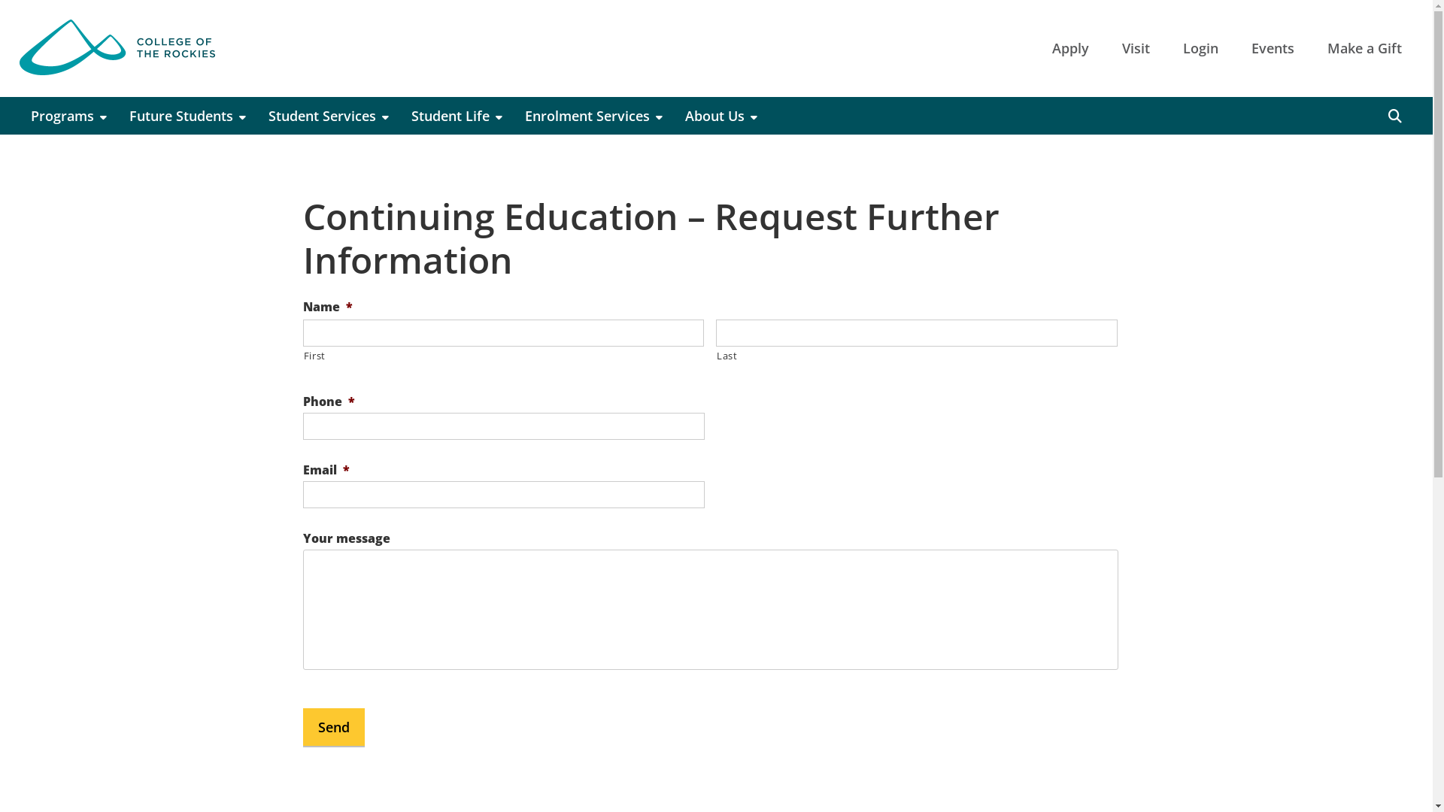  I want to click on 'Visit', so click(1136, 47).